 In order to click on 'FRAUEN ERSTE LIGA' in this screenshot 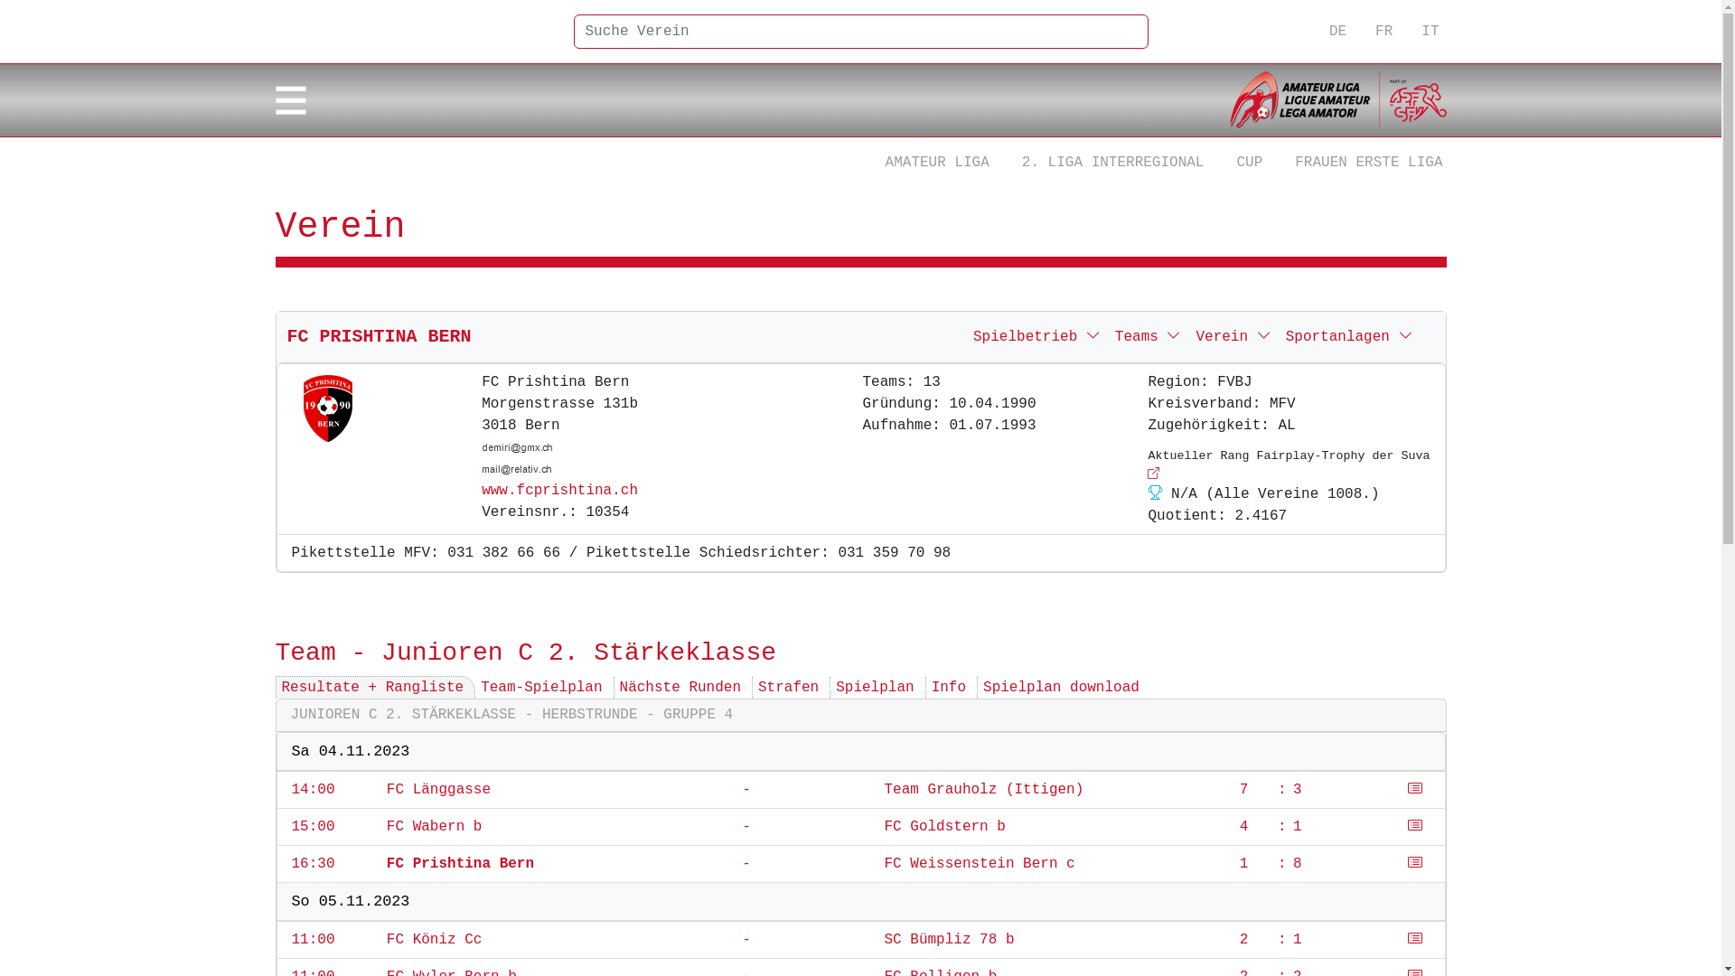, I will do `click(1368, 163)`.